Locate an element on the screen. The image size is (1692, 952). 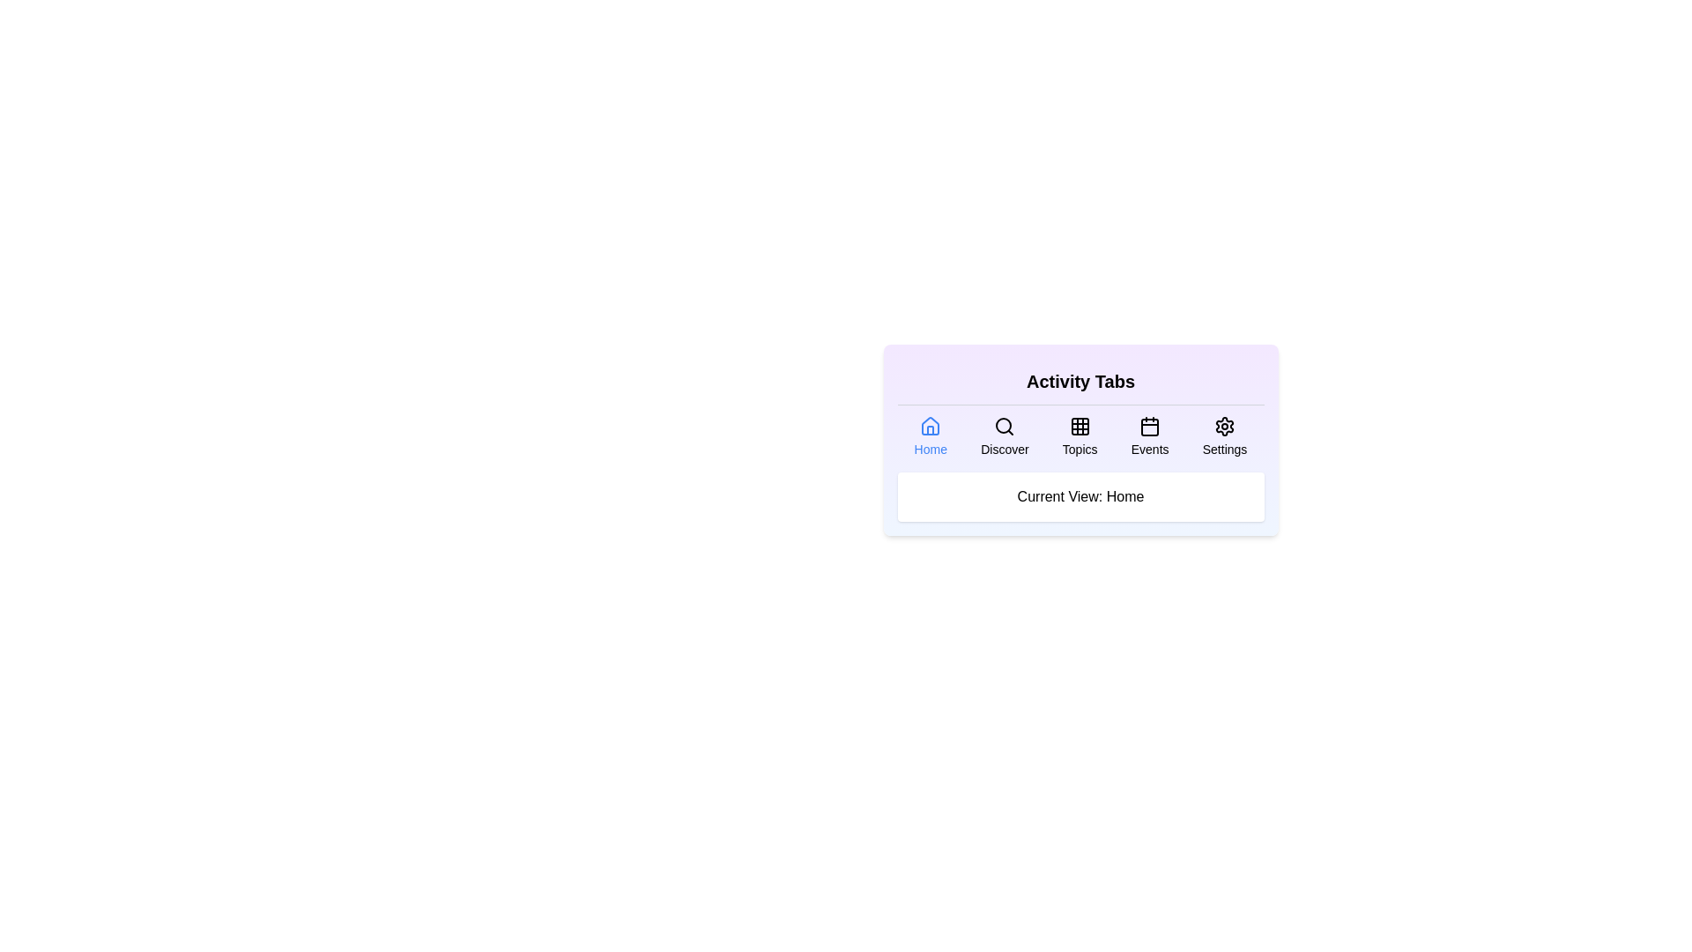
the Discover tab is located at coordinates (1005, 436).